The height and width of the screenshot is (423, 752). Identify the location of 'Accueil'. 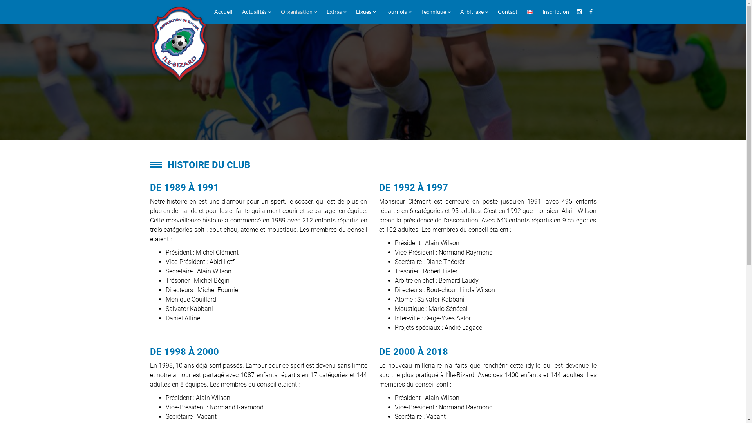
(222, 12).